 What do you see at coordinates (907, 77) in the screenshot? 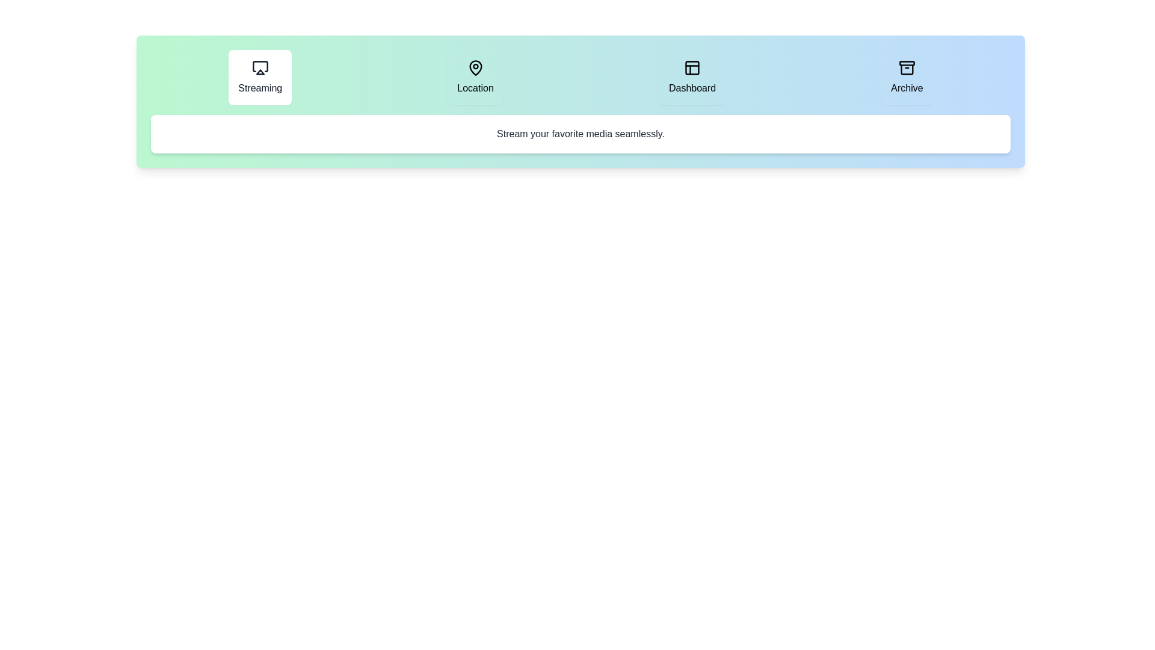
I see `the tab labeled Archive` at bounding box center [907, 77].